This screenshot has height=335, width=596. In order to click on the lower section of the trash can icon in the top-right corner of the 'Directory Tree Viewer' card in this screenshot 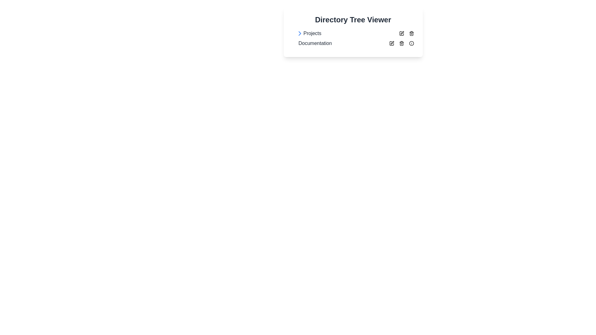, I will do `click(411, 34)`.